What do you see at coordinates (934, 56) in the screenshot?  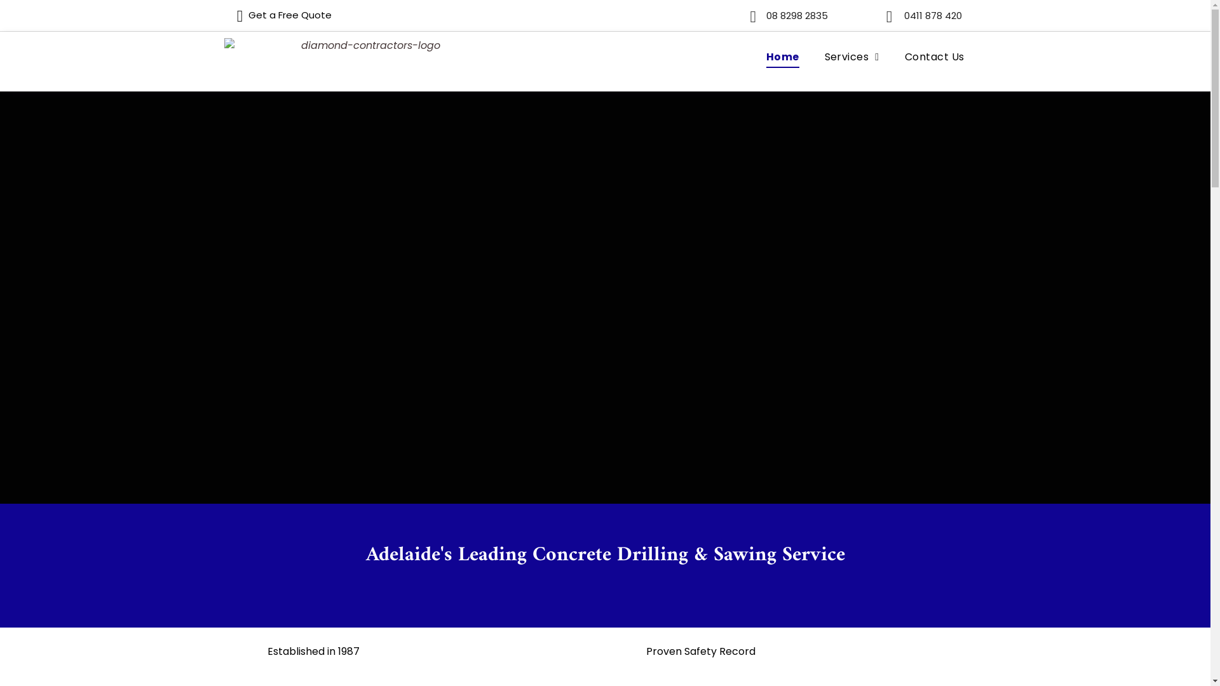 I see `'Contact Us'` at bounding box center [934, 56].